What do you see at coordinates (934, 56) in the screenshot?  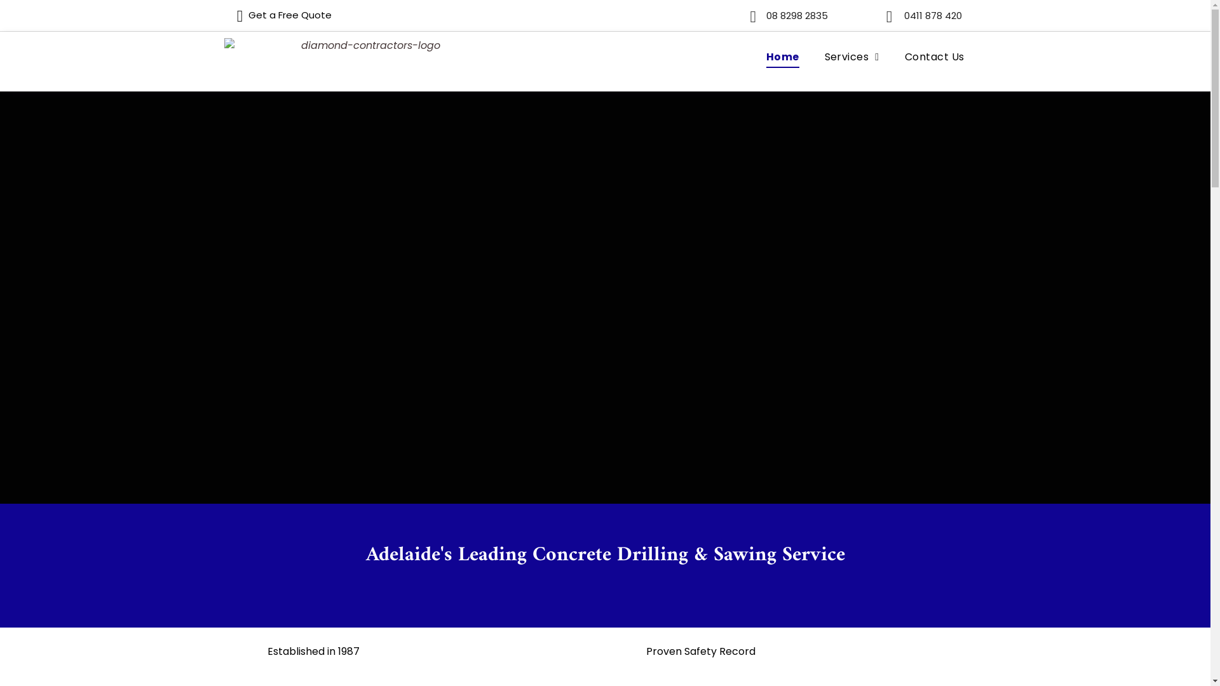 I see `'Contact Us'` at bounding box center [934, 56].